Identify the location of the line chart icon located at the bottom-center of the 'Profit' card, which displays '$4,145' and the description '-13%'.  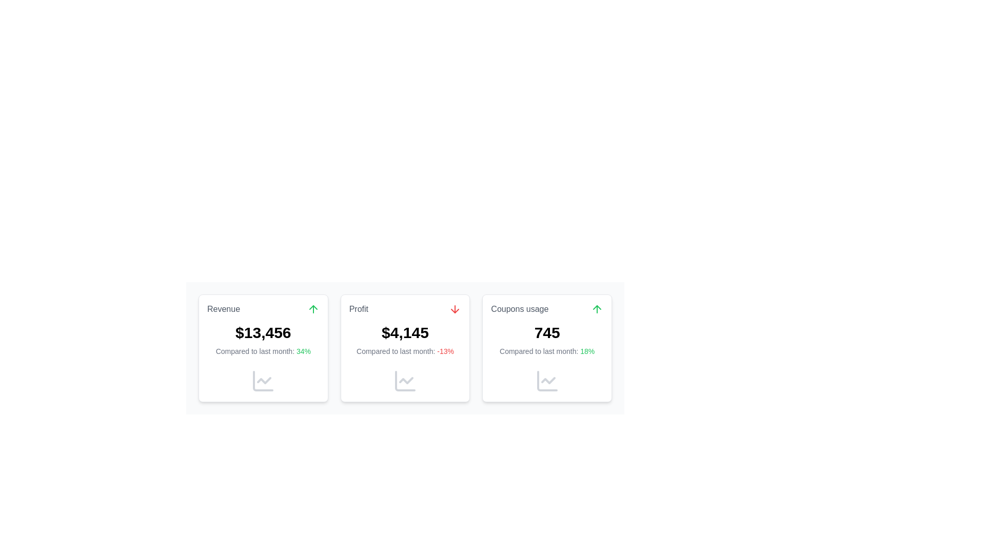
(404, 381).